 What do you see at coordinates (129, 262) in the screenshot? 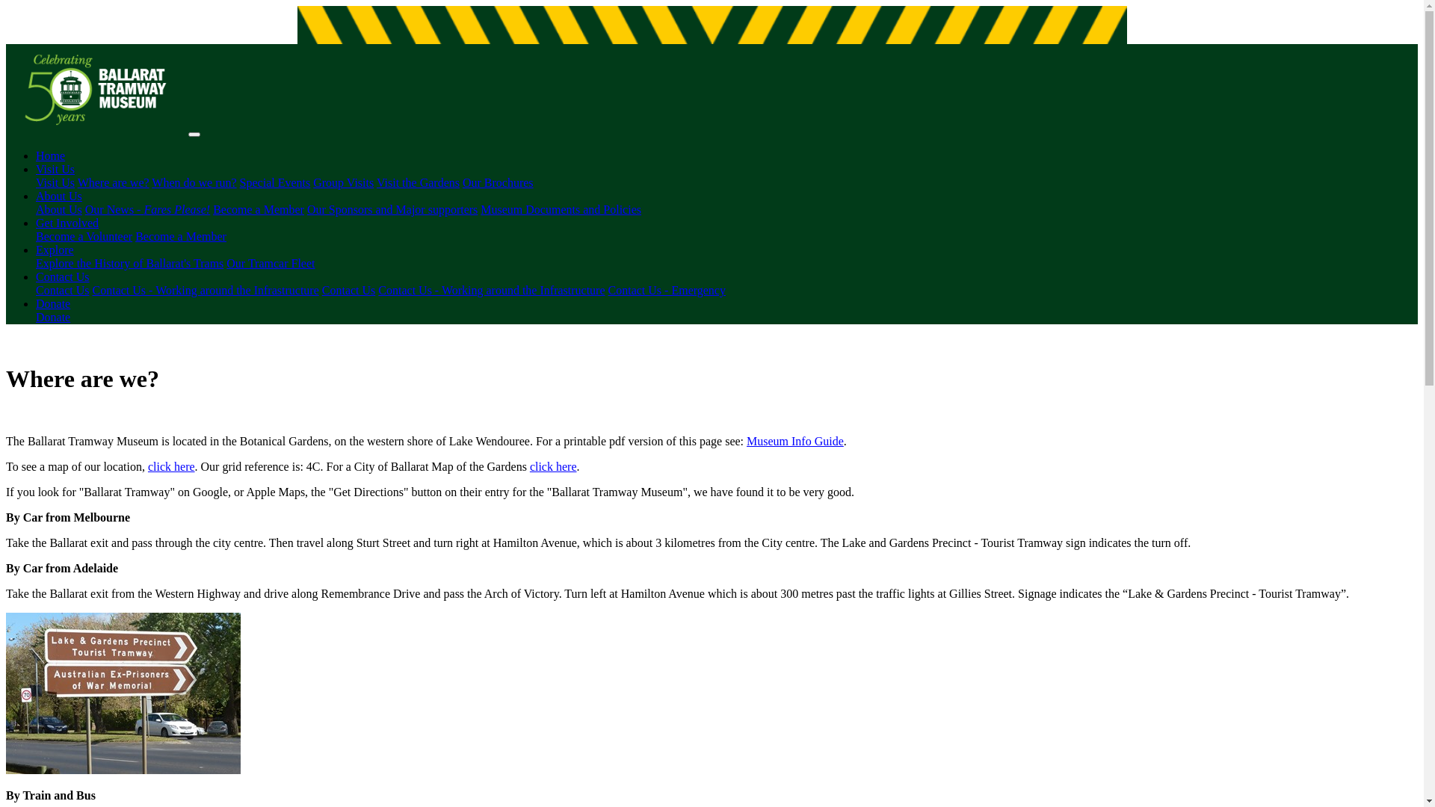
I see `'Explore the History of Ballarat's Trams'` at bounding box center [129, 262].